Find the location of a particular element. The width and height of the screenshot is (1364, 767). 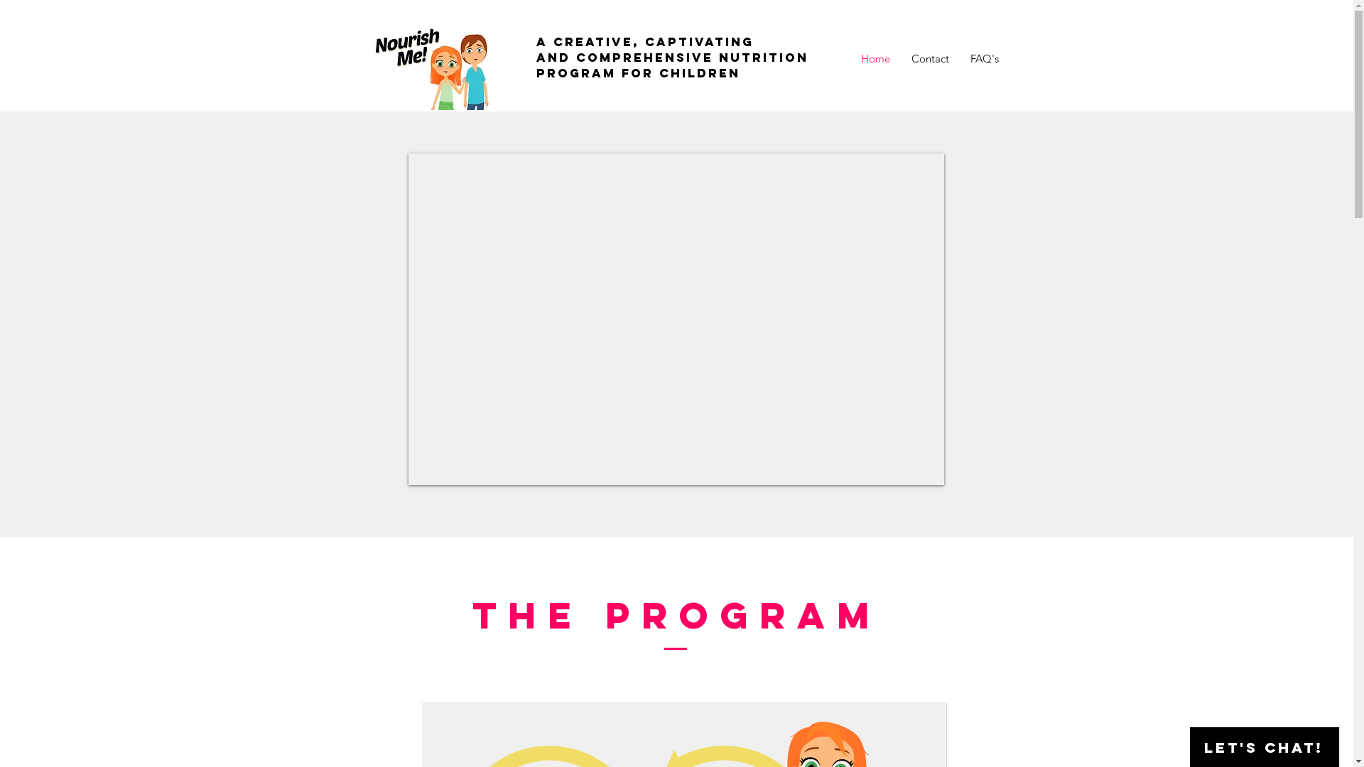

'Contact' is located at coordinates (930, 58).